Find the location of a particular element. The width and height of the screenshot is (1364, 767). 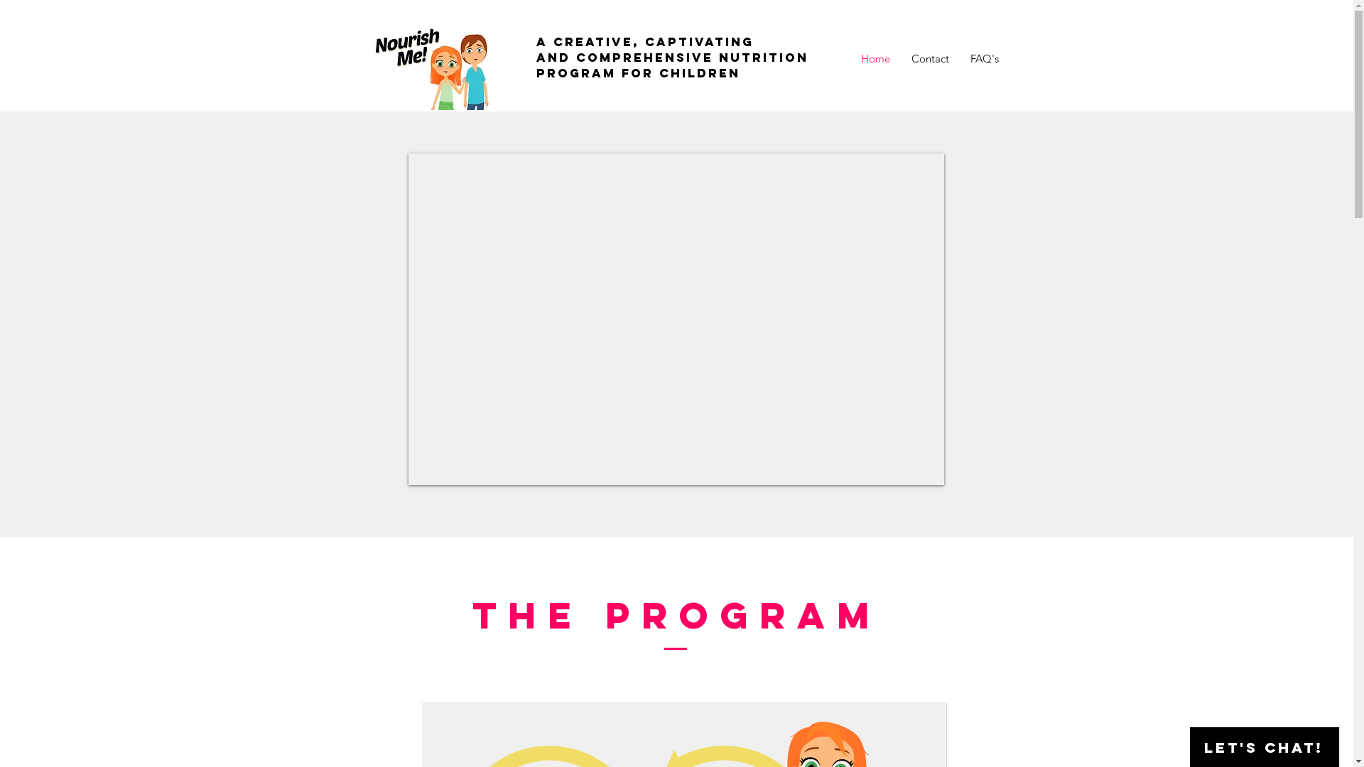

'Contact' is located at coordinates (930, 58).